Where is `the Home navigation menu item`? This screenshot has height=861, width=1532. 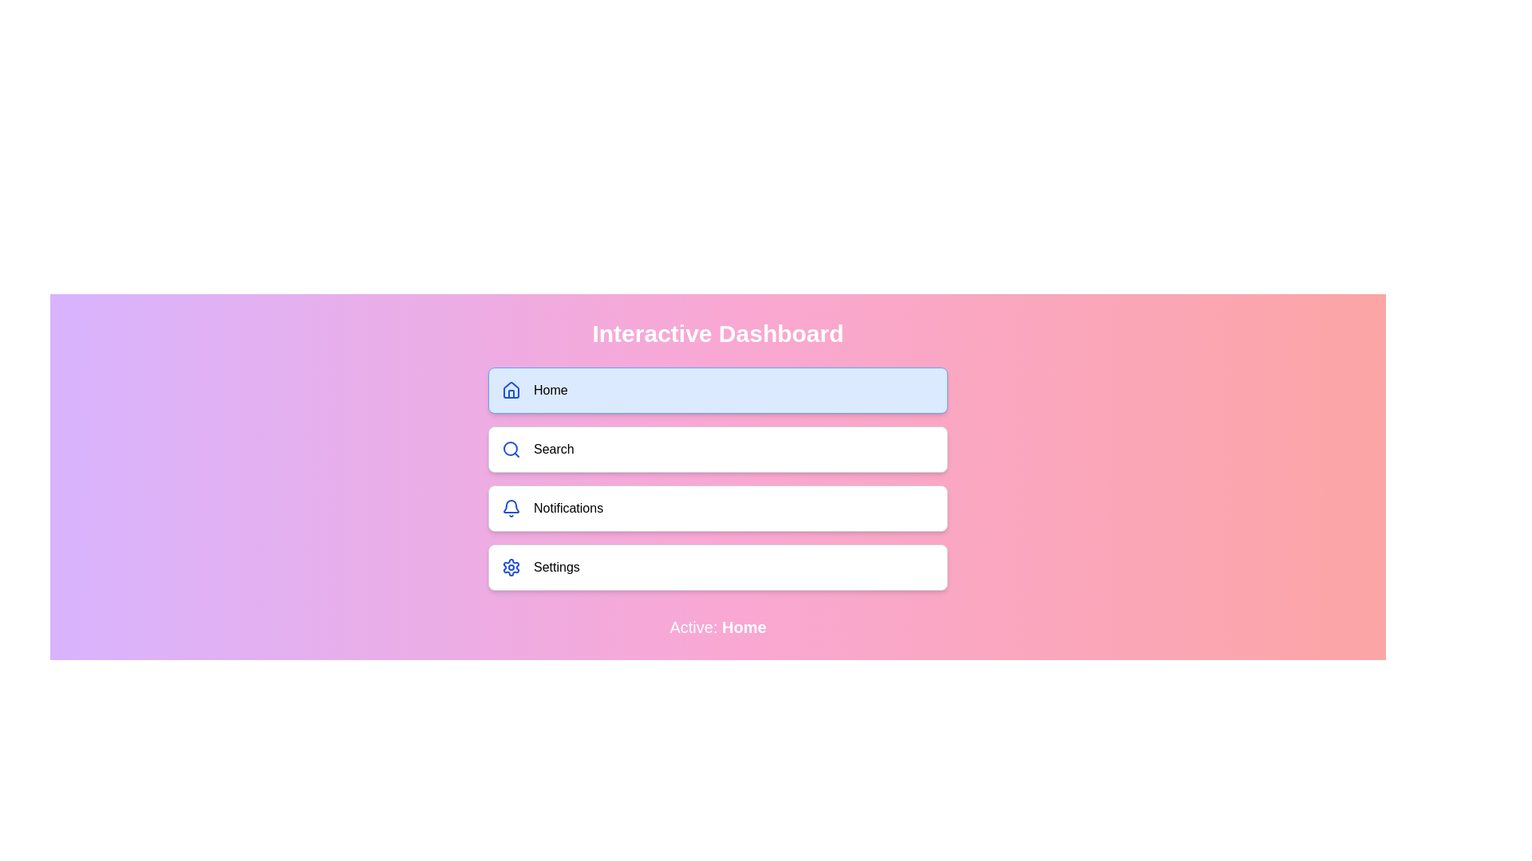 the Home navigation menu item is located at coordinates (717, 390).